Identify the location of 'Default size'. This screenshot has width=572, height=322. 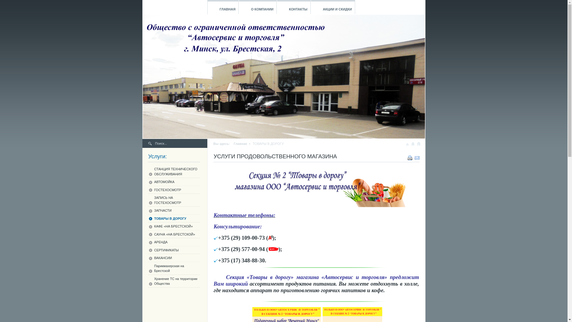
(413, 144).